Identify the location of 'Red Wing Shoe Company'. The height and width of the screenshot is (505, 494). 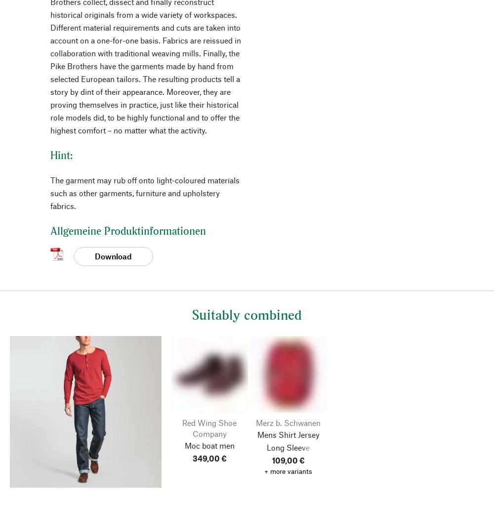
(209, 428).